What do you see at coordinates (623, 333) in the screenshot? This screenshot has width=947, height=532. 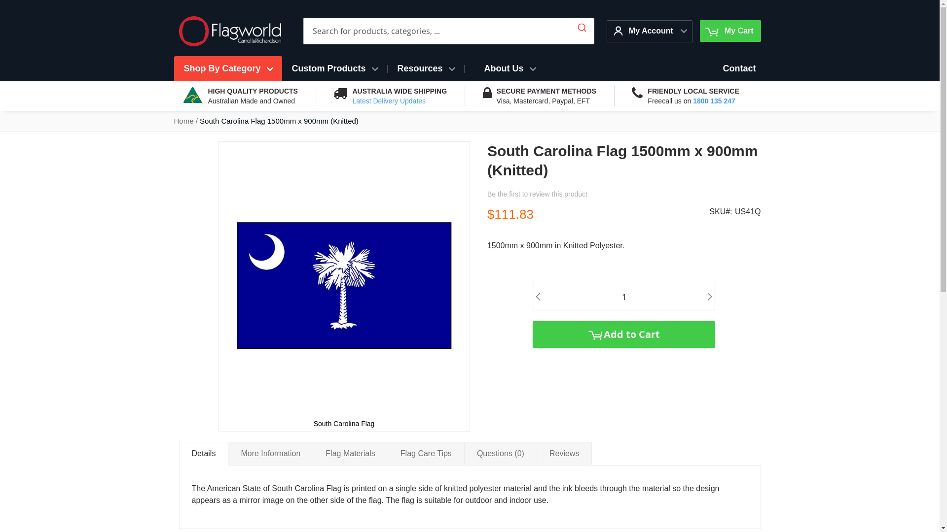 I see `'Add to Cart'` at bounding box center [623, 333].